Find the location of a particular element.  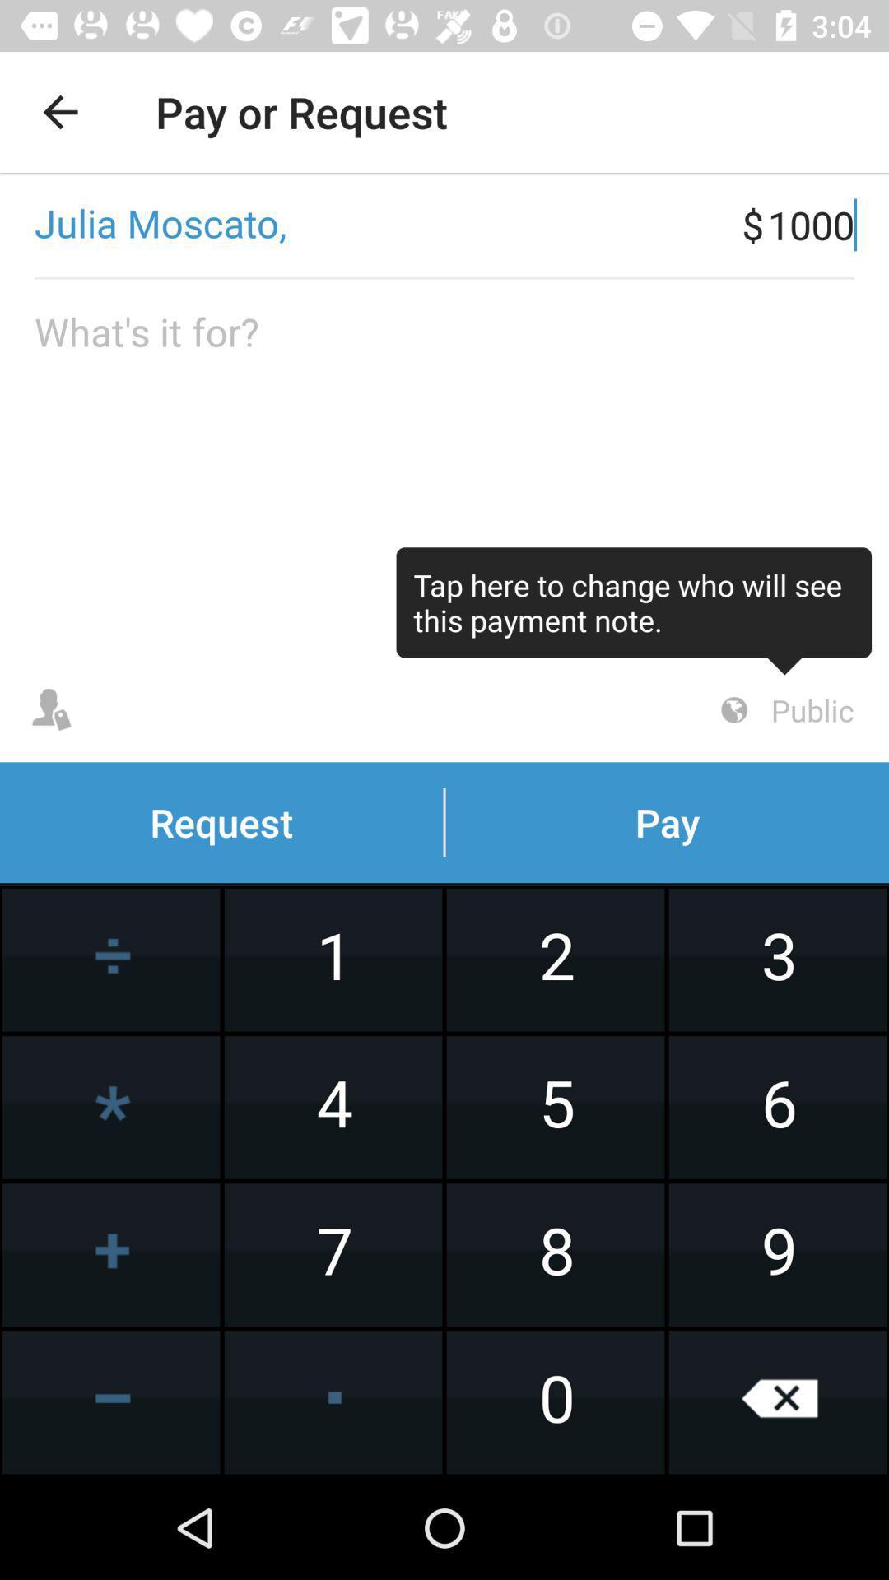

this is for entering the amount of money you want to pay or request is located at coordinates (444, 468).